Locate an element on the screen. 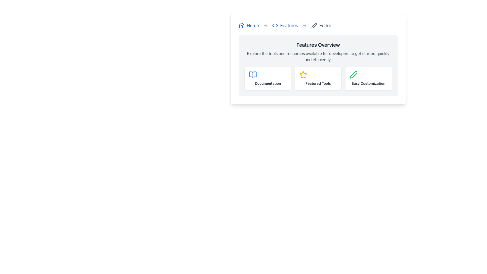 The width and height of the screenshot is (487, 274). the simplified house icon in the breadcrumb navigation bar is located at coordinates (241, 25).